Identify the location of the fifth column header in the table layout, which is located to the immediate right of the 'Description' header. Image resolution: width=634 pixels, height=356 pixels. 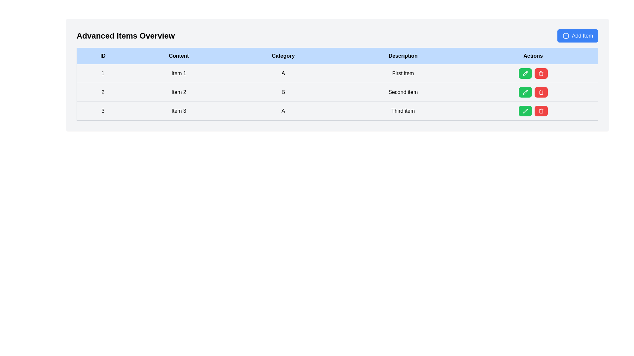
(533, 55).